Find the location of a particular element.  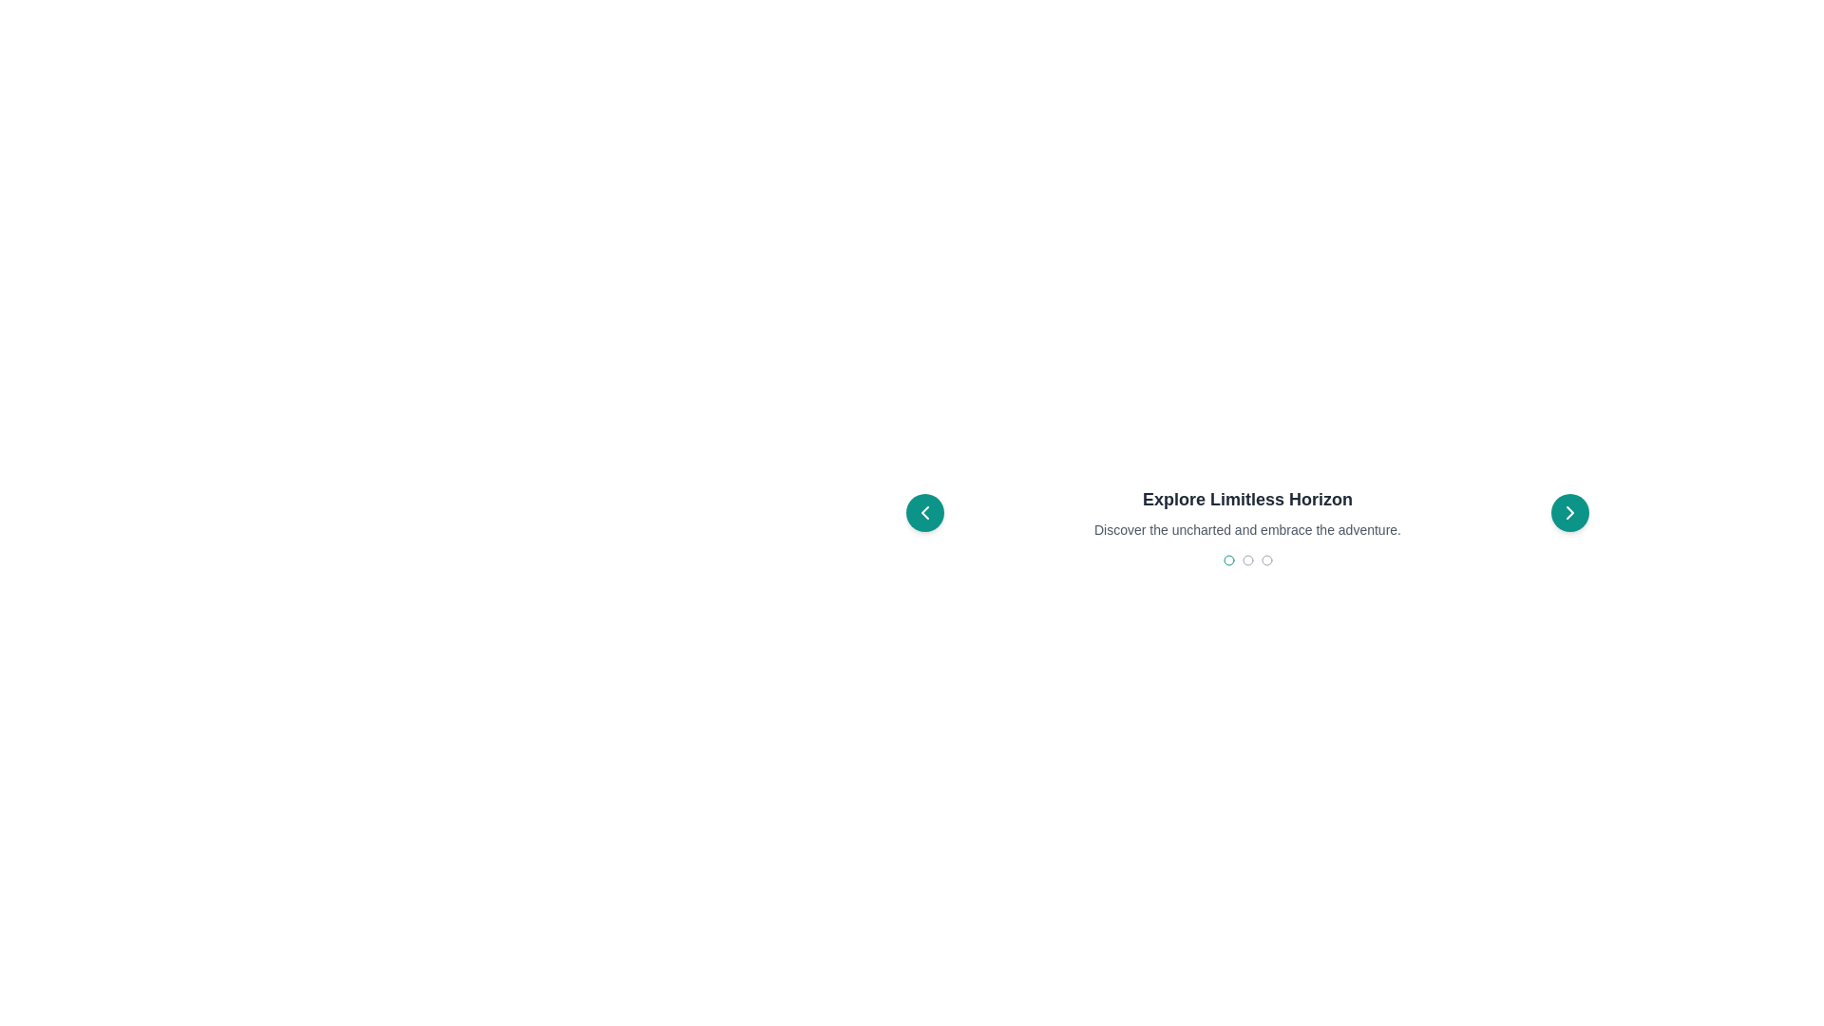

the third circular indicator dot located on the right side of a three-dot indicator group is located at coordinates (1228, 560).